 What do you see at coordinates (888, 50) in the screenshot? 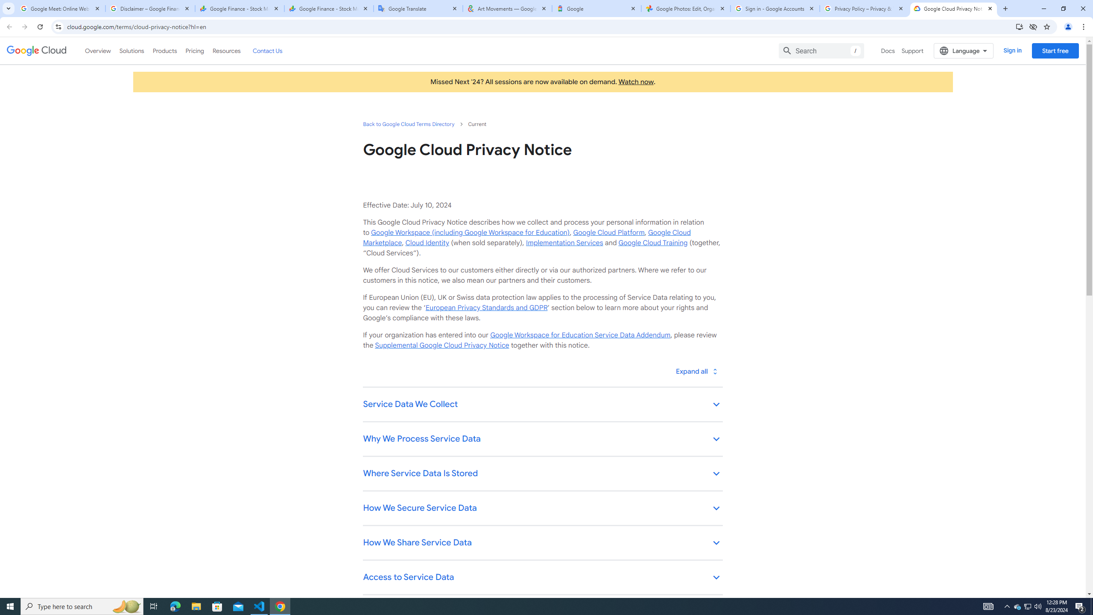
I see `'Docs'` at bounding box center [888, 50].